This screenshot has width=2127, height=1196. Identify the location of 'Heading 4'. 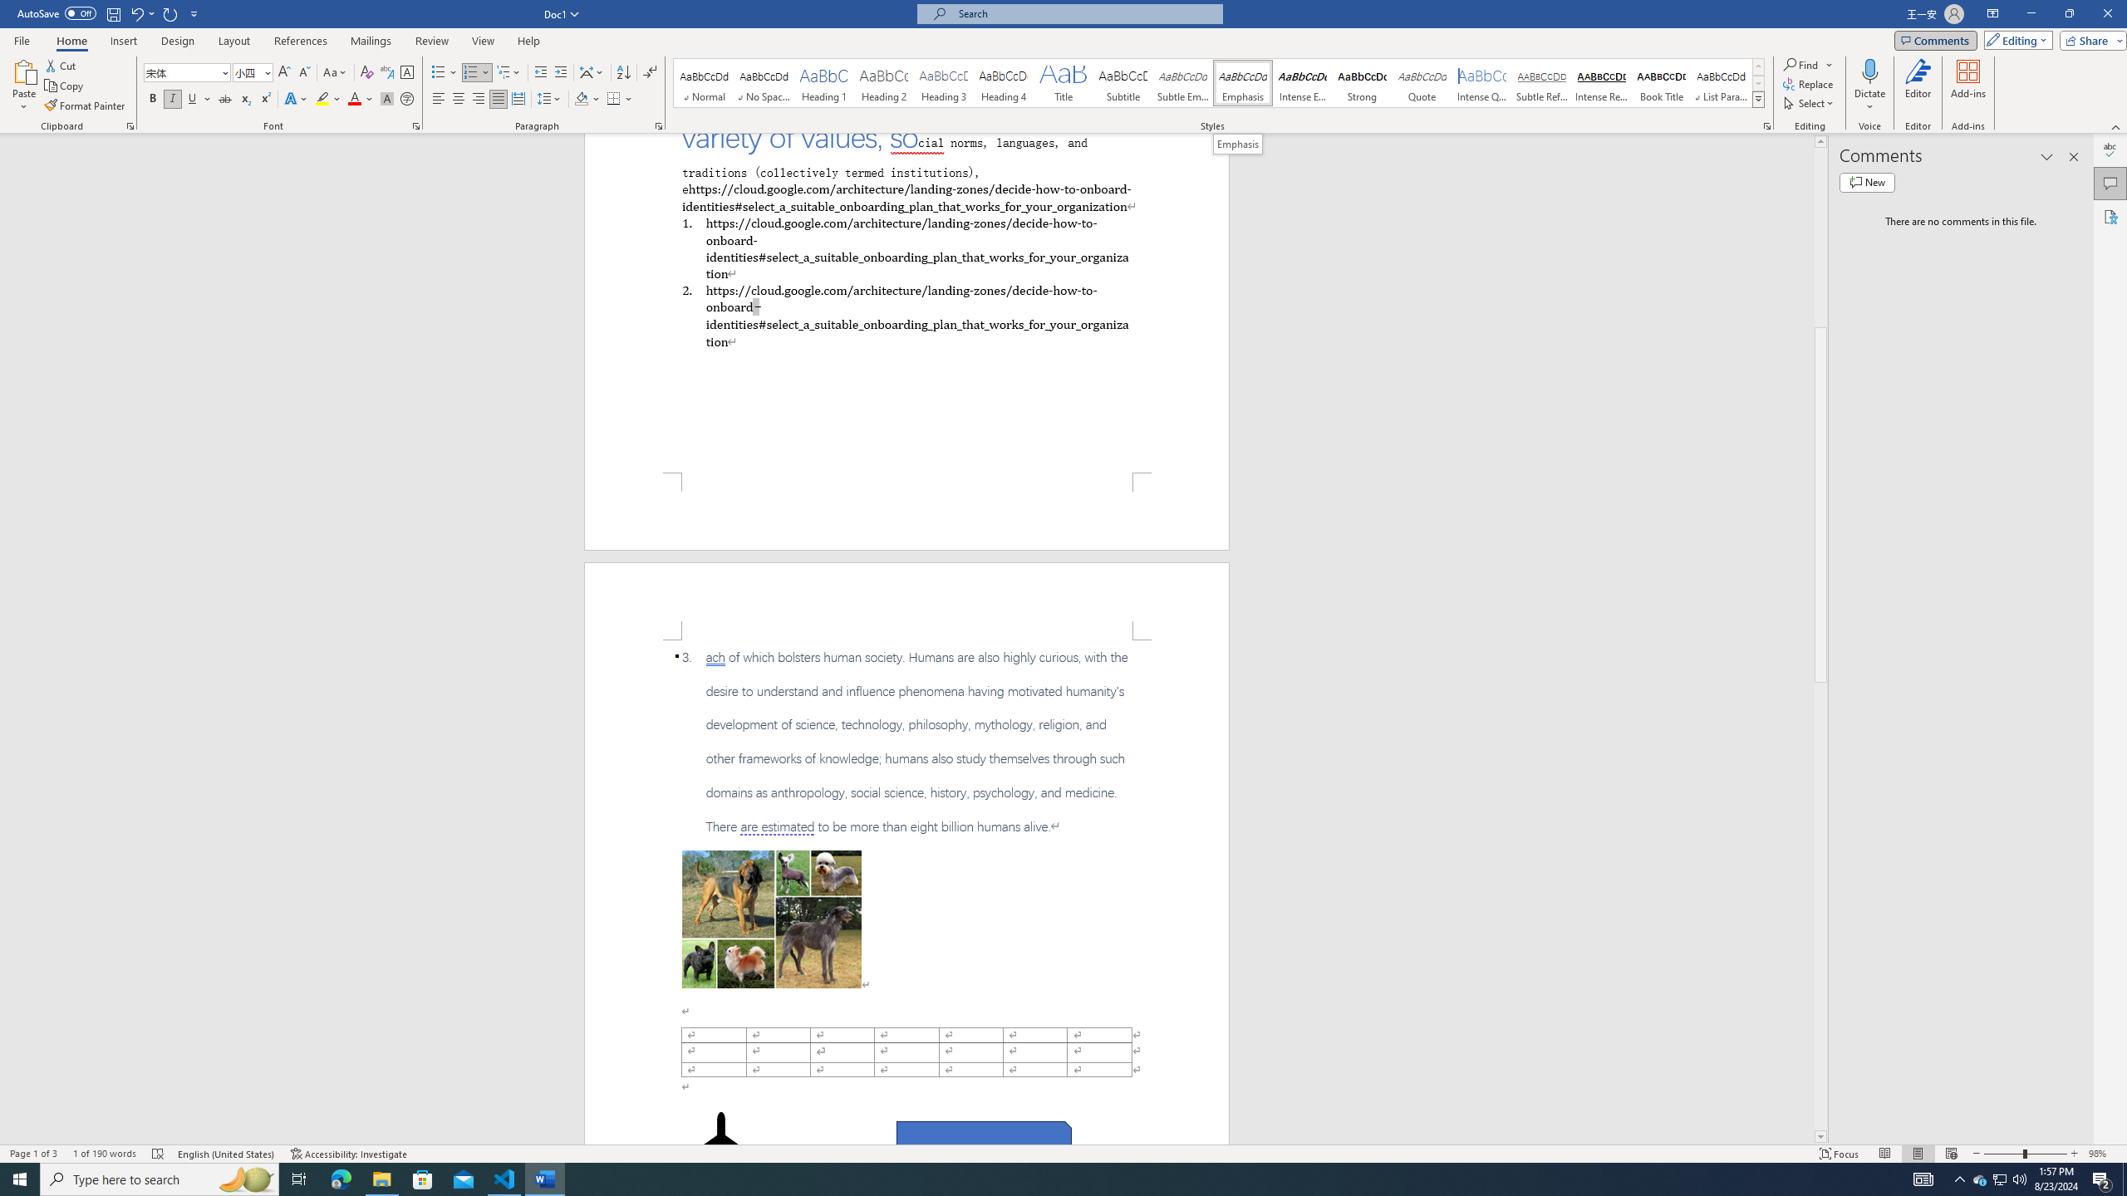
(1003, 82).